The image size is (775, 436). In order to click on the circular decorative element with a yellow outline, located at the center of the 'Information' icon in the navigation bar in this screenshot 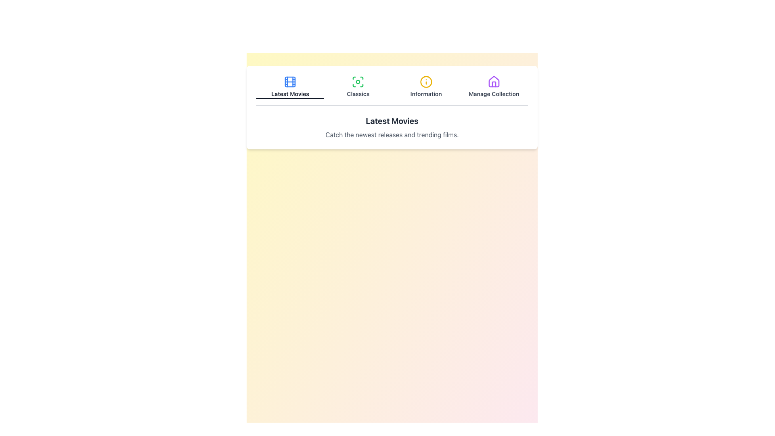, I will do `click(425, 82)`.